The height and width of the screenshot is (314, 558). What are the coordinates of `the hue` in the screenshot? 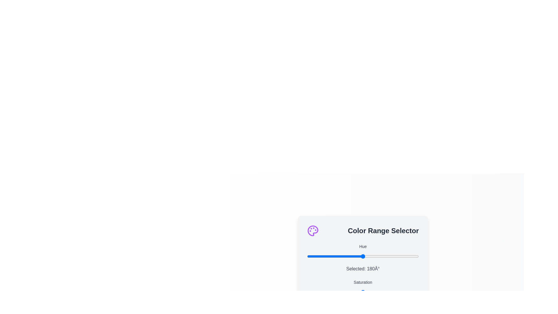 It's located at (315, 256).